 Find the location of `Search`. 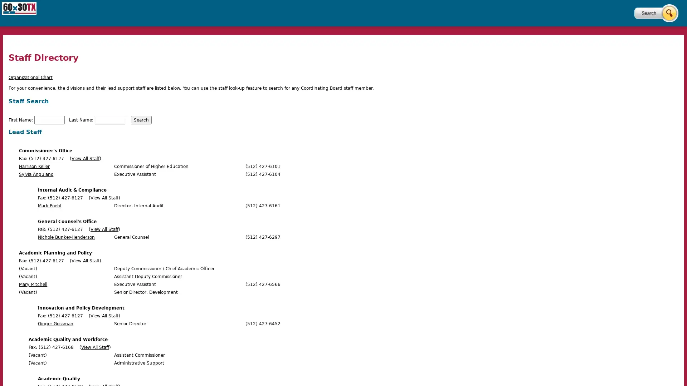

Search is located at coordinates (141, 119).